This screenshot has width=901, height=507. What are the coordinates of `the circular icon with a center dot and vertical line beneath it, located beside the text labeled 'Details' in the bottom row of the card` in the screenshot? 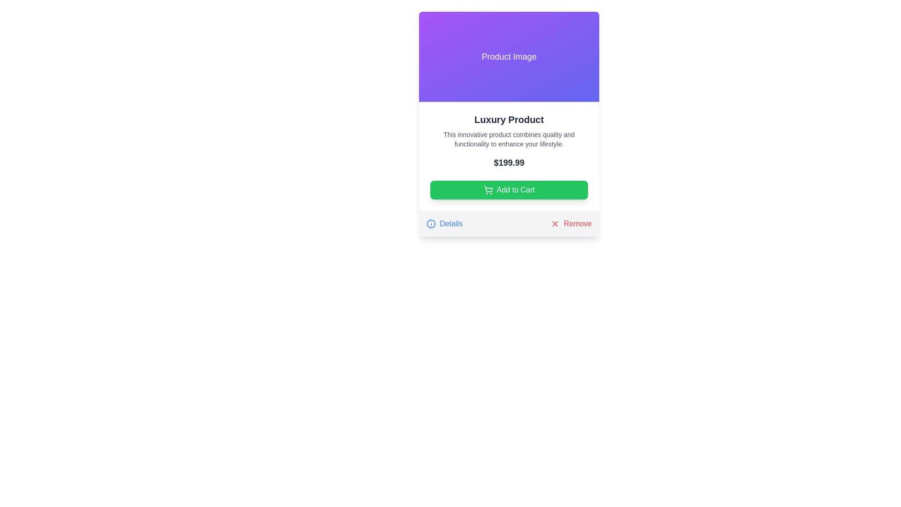 It's located at (430, 224).